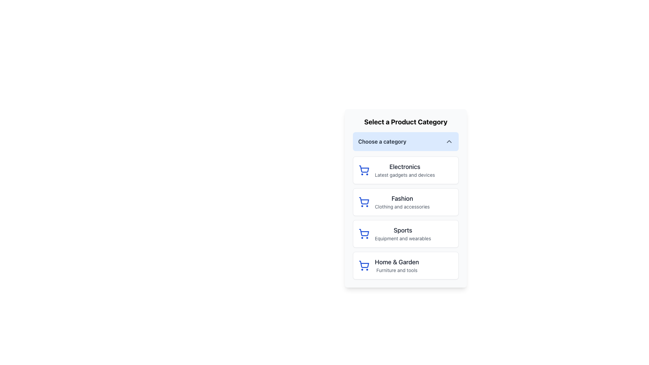 The width and height of the screenshot is (649, 365). Describe the element at coordinates (402, 201) in the screenshot. I see `the 'Fashion' category text label, which is the second item in a vertical list of product categories, positioned below 'Electronics' and above 'Sports'` at that location.